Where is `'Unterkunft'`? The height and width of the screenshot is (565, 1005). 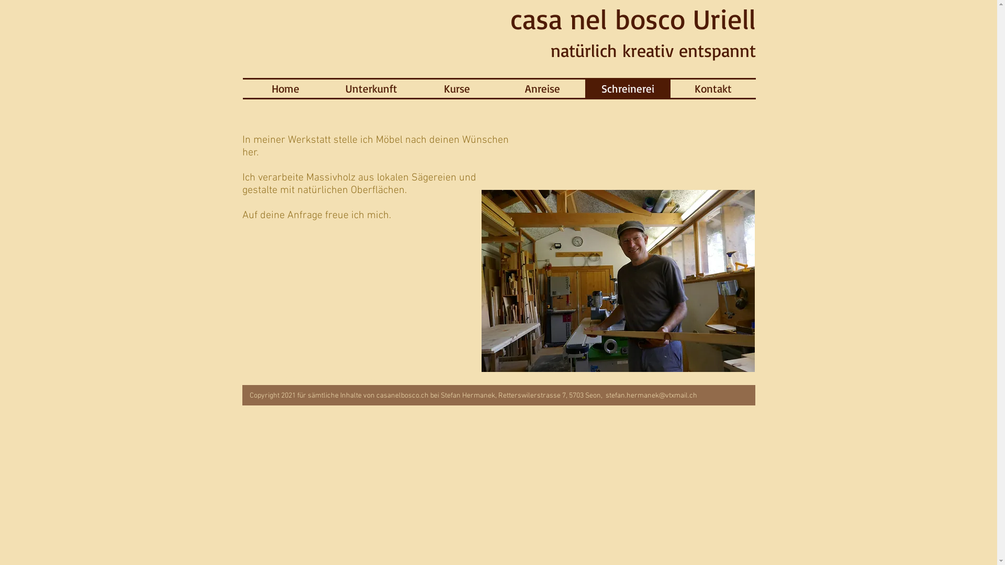
'Unterkunft' is located at coordinates (328, 88).